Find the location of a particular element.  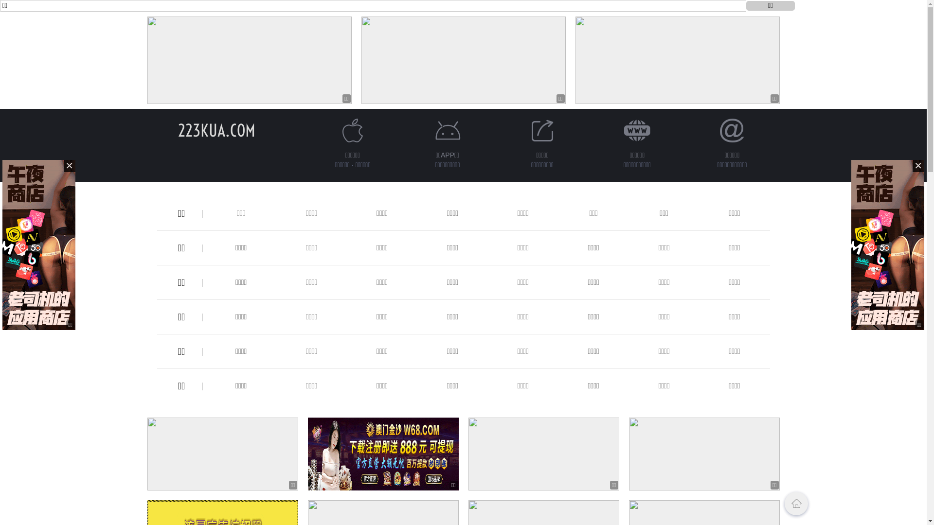

'223KUA.COM' is located at coordinates (216, 130).